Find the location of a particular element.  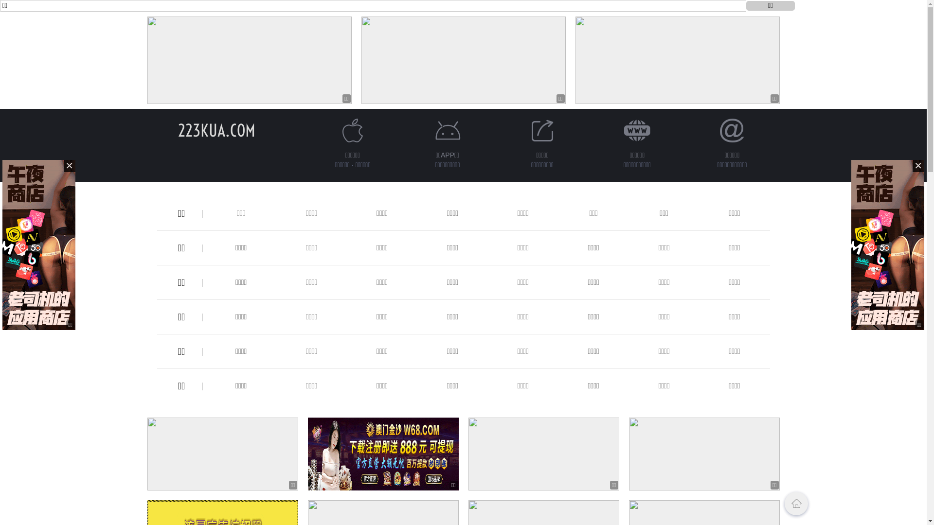

'223KUA.COM' is located at coordinates (216, 130).